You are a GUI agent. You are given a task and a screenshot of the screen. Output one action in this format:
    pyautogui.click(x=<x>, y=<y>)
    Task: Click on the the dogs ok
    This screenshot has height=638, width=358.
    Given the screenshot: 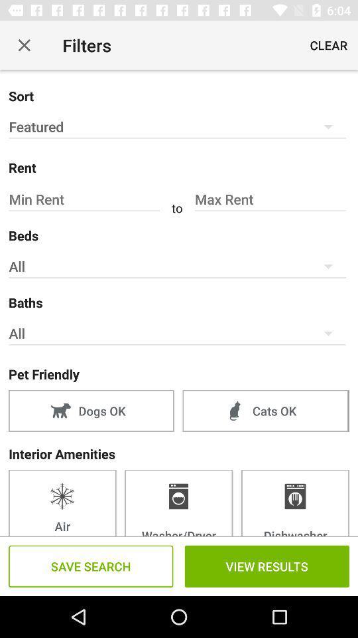 What is the action you would take?
    pyautogui.click(x=90, y=410)
    